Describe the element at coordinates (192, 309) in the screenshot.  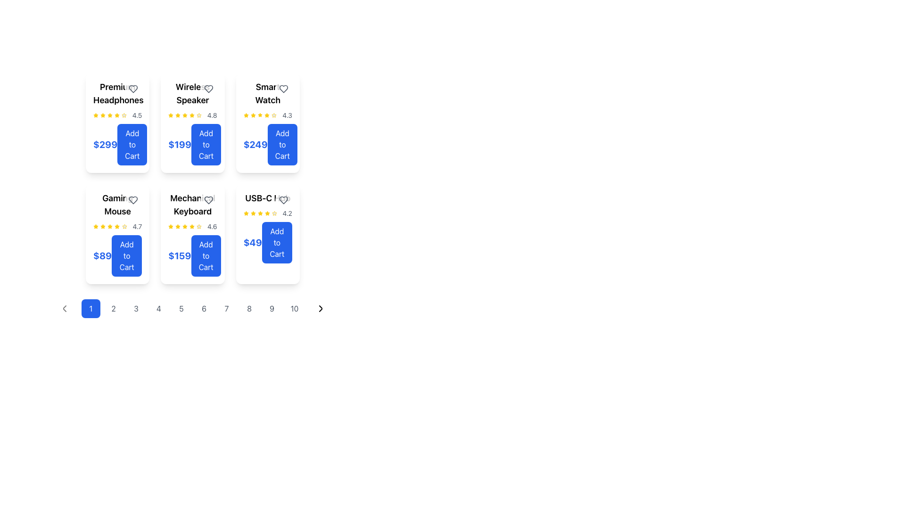
I see `the sixth page button in the pagination bar located at the bottom of the grid of items` at that location.